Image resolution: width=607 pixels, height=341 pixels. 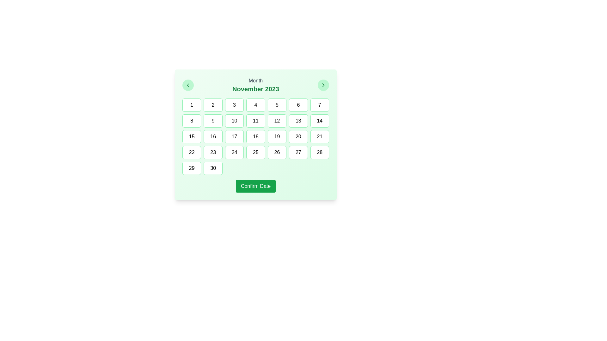 I want to click on the rectangular button with a white background, green border, and the number '21' in bold, located in the third row and seventh column of the calendar grid, so click(x=320, y=136).